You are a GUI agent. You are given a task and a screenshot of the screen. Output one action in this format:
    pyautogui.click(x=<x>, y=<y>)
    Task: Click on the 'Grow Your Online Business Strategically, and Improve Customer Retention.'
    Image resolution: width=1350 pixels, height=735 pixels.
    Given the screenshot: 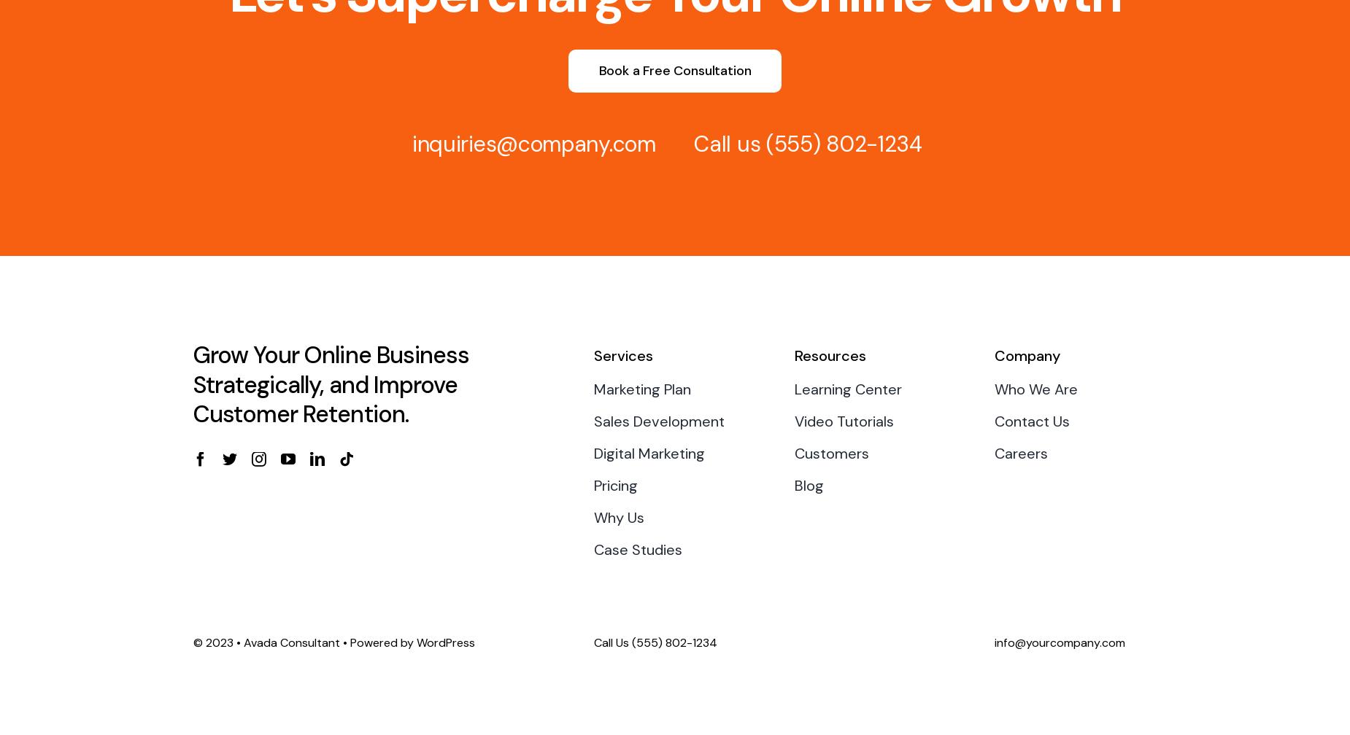 What is the action you would take?
    pyautogui.click(x=330, y=384)
    